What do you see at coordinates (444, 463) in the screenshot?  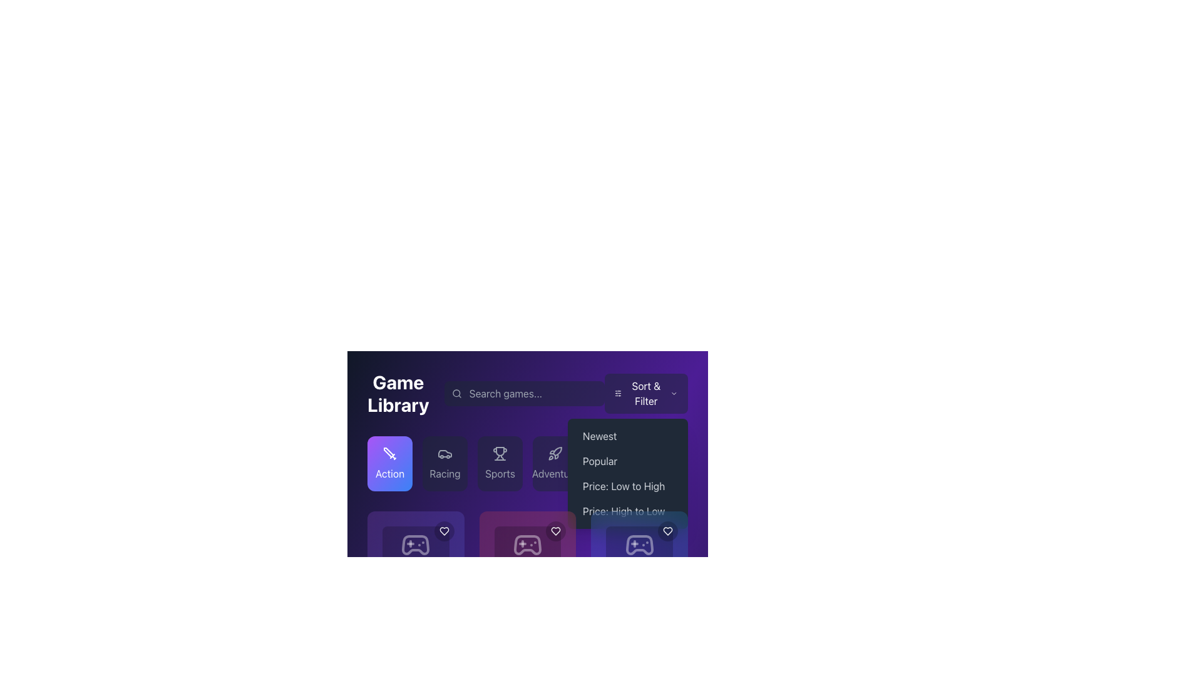 I see `the 'Racing' category button, which is the second button from the left in a row of category selector buttons labeled 'Action,' 'Racing,' 'Sports,' and 'Adventure.'` at bounding box center [444, 463].